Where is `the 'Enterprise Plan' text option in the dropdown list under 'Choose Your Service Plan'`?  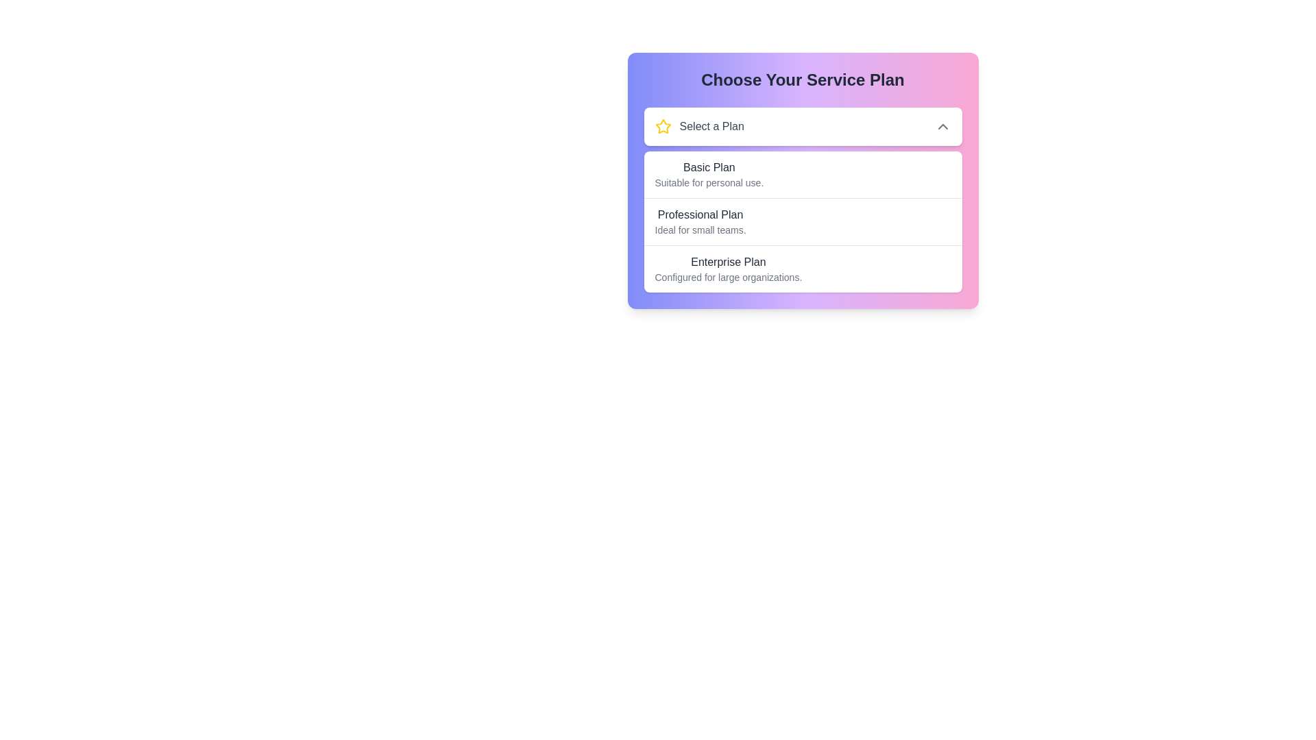
the 'Enterprise Plan' text option in the dropdown list under 'Choose Your Service Plan' is located at coordinates (727, 269).